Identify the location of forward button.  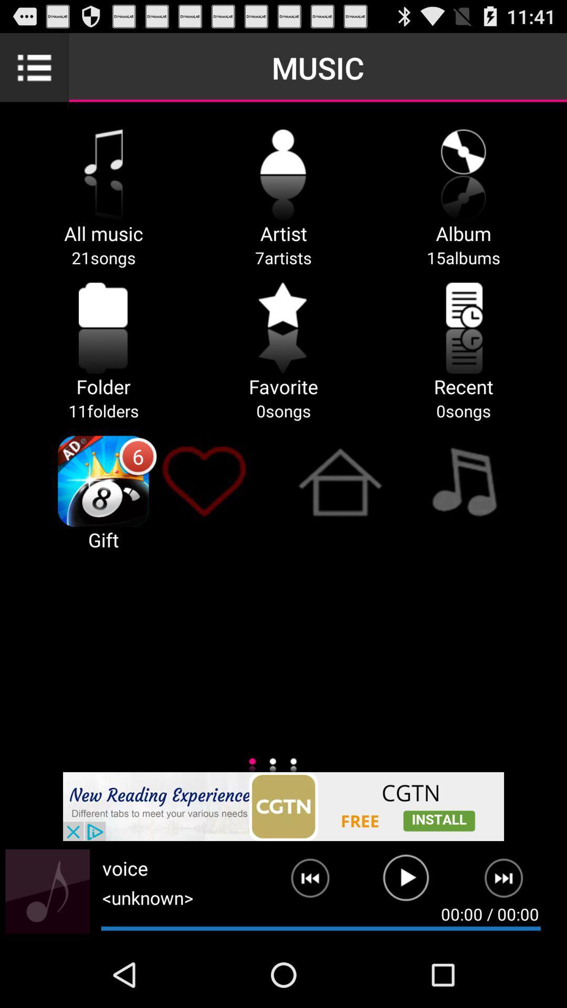
(510, 882).